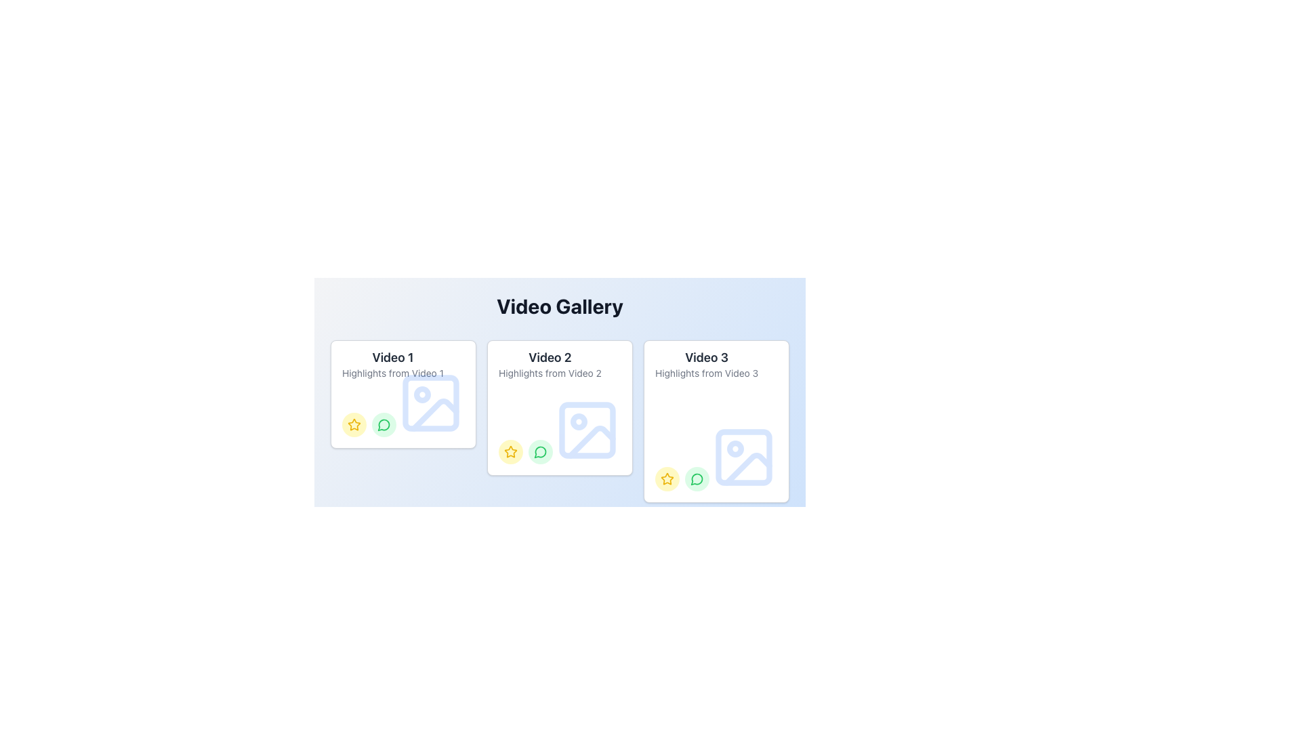 The height and width of the screenshot is (732, 1301). Describe the element at coordinates (706, 366) in the screenshot. I see `the text element titled 'Video 3' which includes the subtitle 'Highlights from Video 3', located at the top-left corner of the card` at that location.